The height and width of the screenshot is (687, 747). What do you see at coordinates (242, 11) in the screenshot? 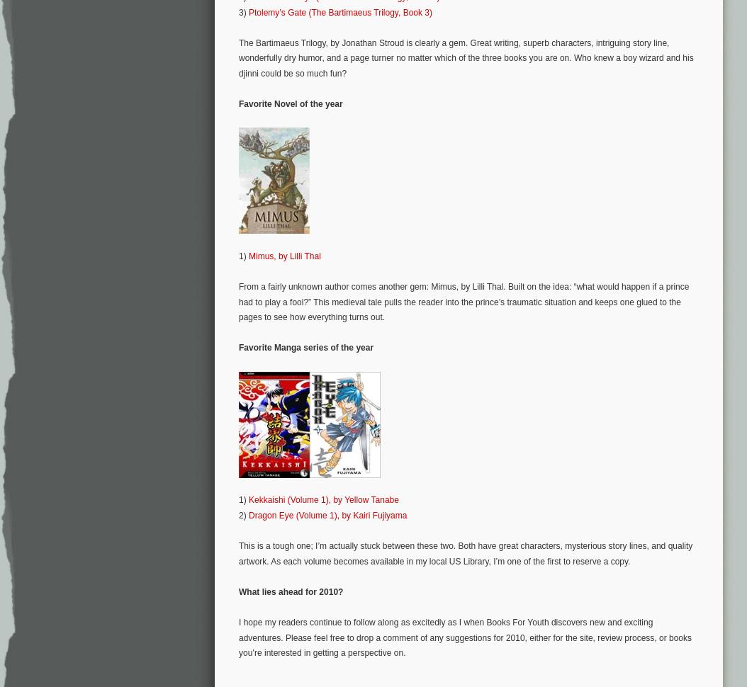
I see `'3)'` at bounding box center [242, 11].